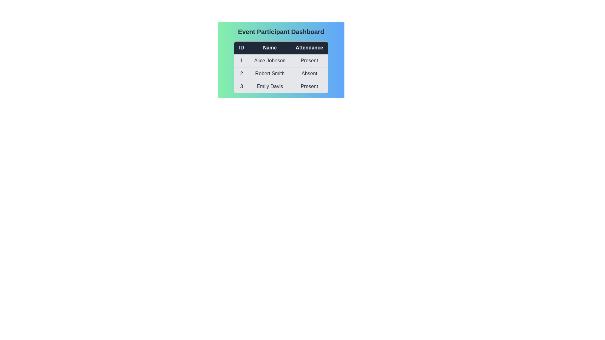 The image size is (605, 340). Describe the element at coordinates (270, 60) in the screenshot. I see `the text label 'Alice Johnson' located in the second column of the table row with ID '1', which is rendered in bold sans-serif font and has a light gray background` at that location.